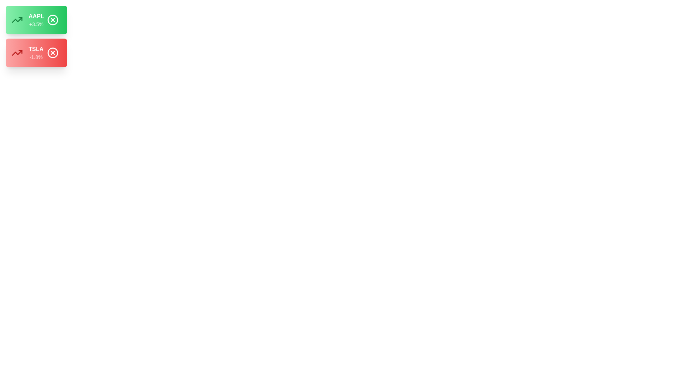  I want to click on the decorative icon trending_up, so click(17, 20).